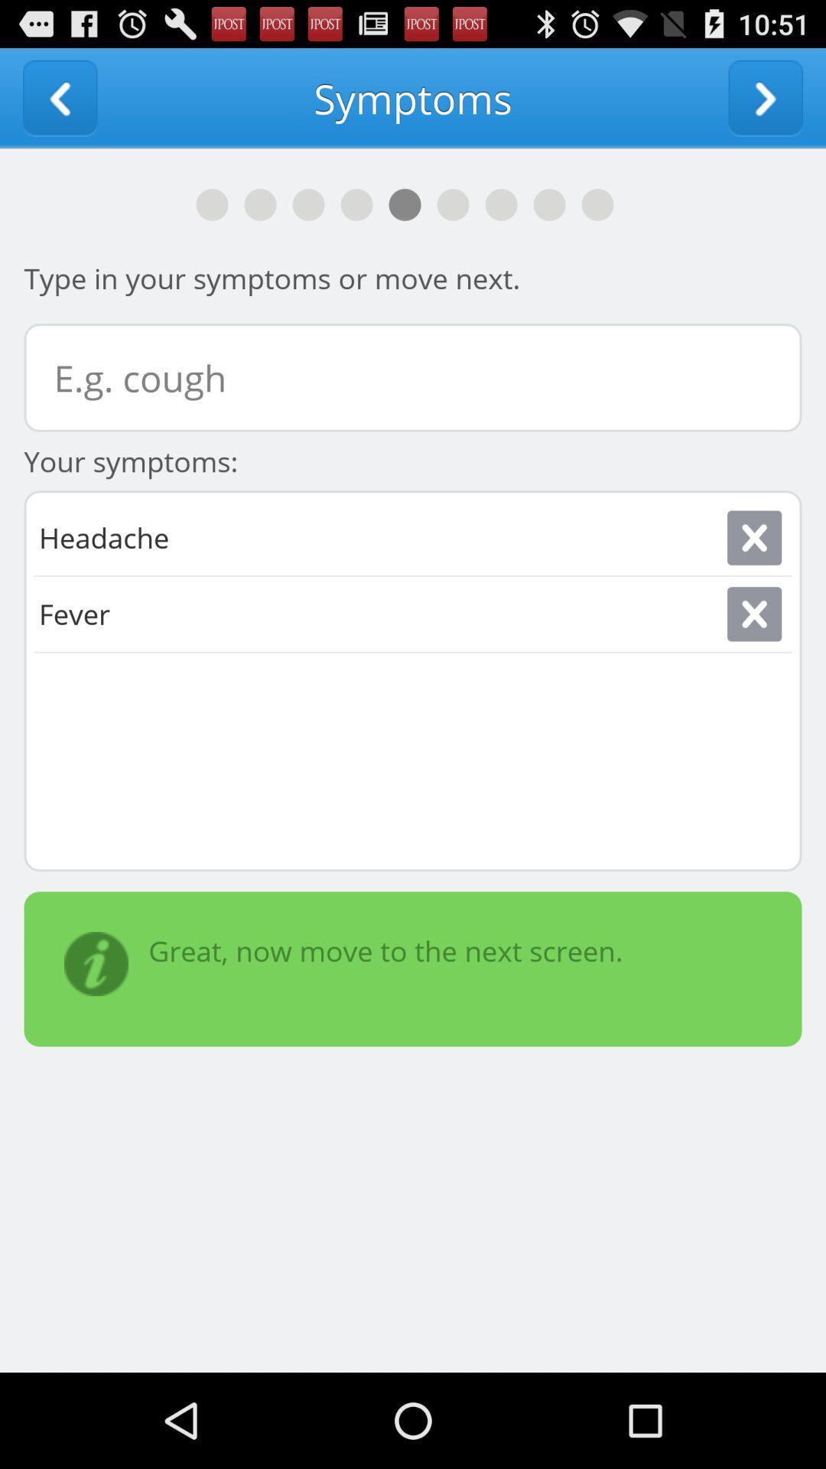 The image size is (826, 1469). I want to click on go back, so click(59, 97).